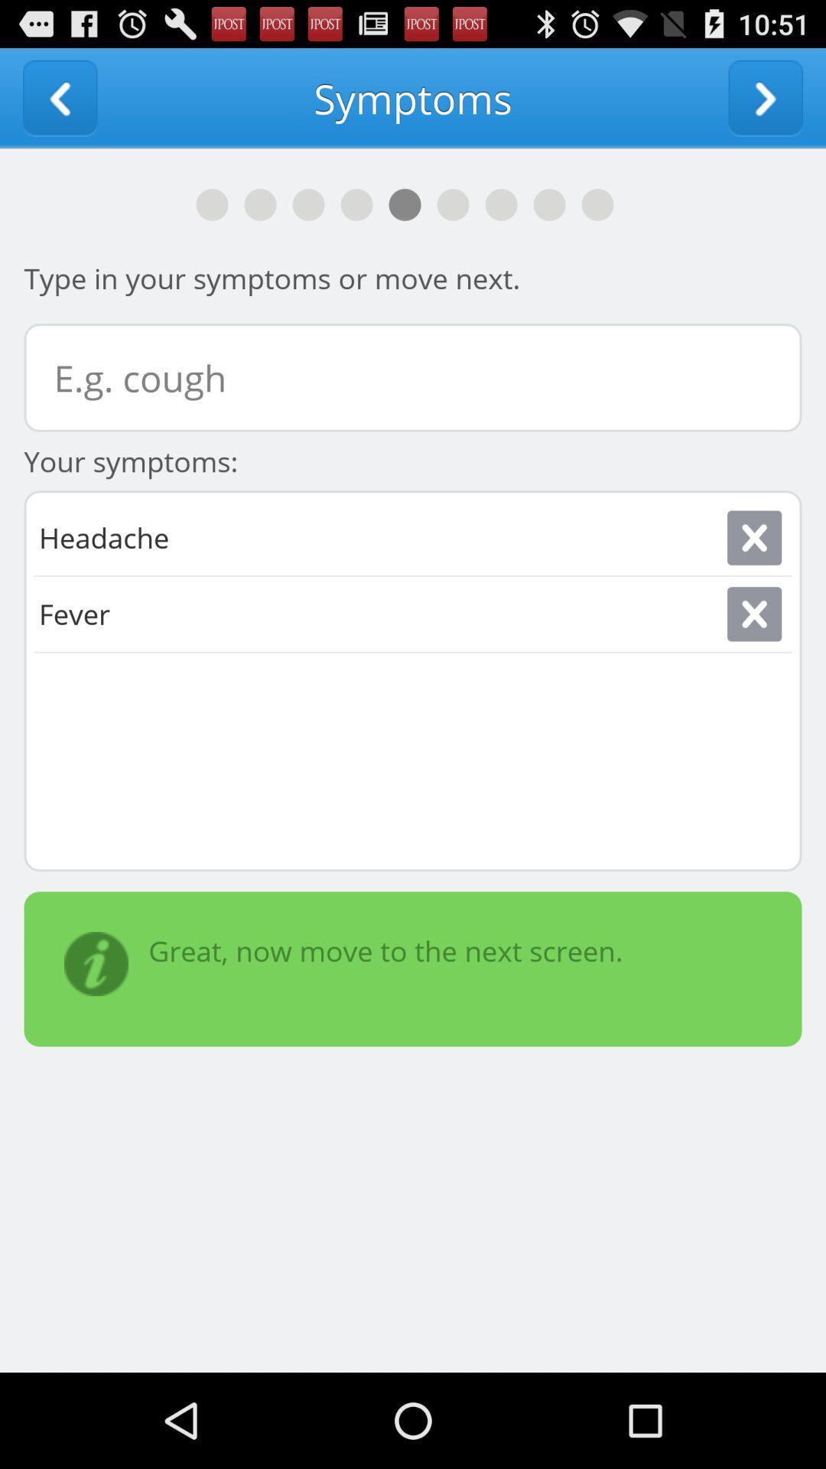 The image size is (826, 1469). I want to click on go back, so click(59, 97).